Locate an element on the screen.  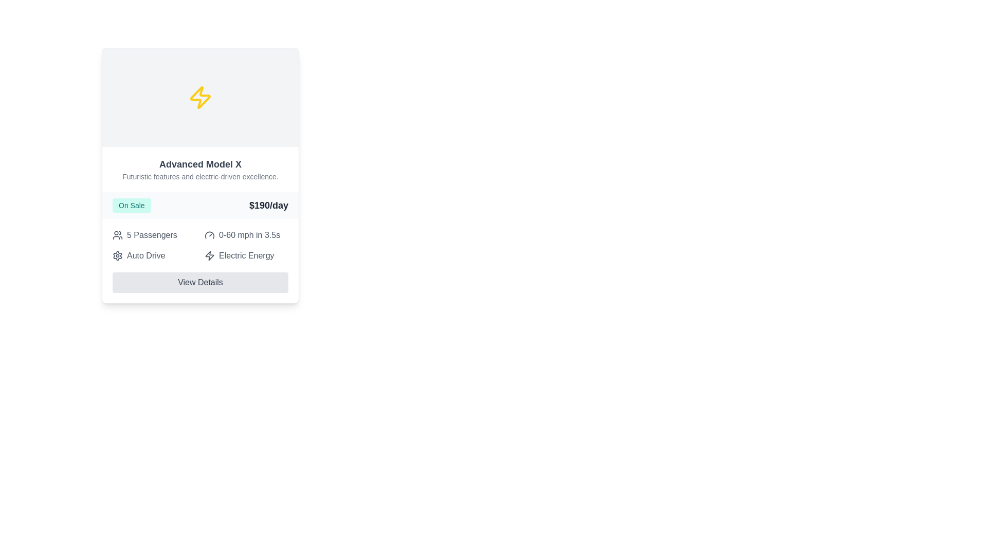
the Settings icon, which resembles a gear and is located before the 'Auto Drive' text in the lower section of the card component is located at coordinates (118, 255).